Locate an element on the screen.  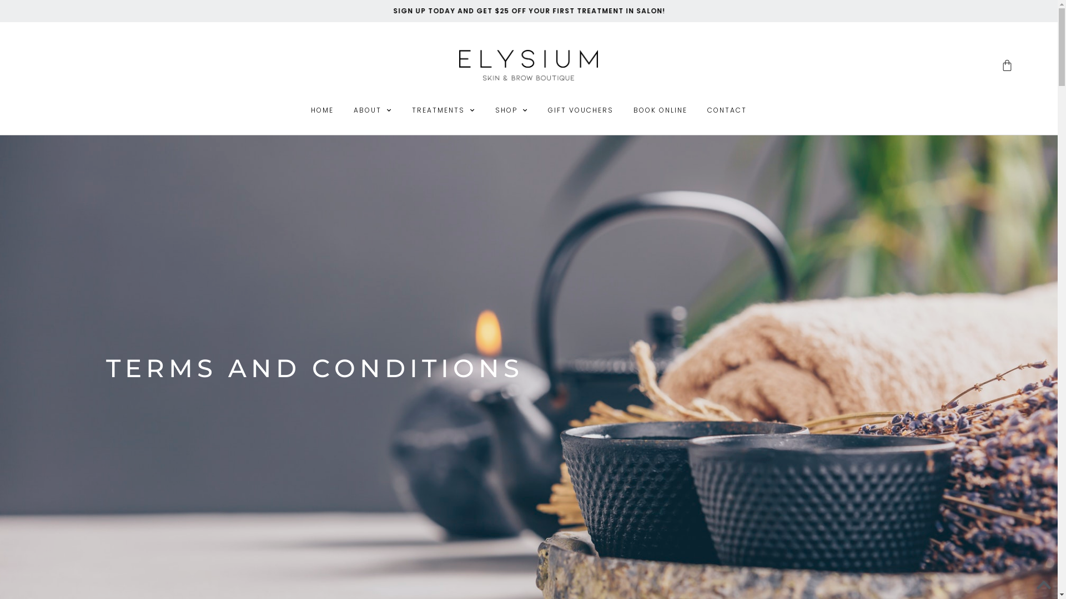
'GIFT VOUCHERS' is located at coordinates (580, 110).